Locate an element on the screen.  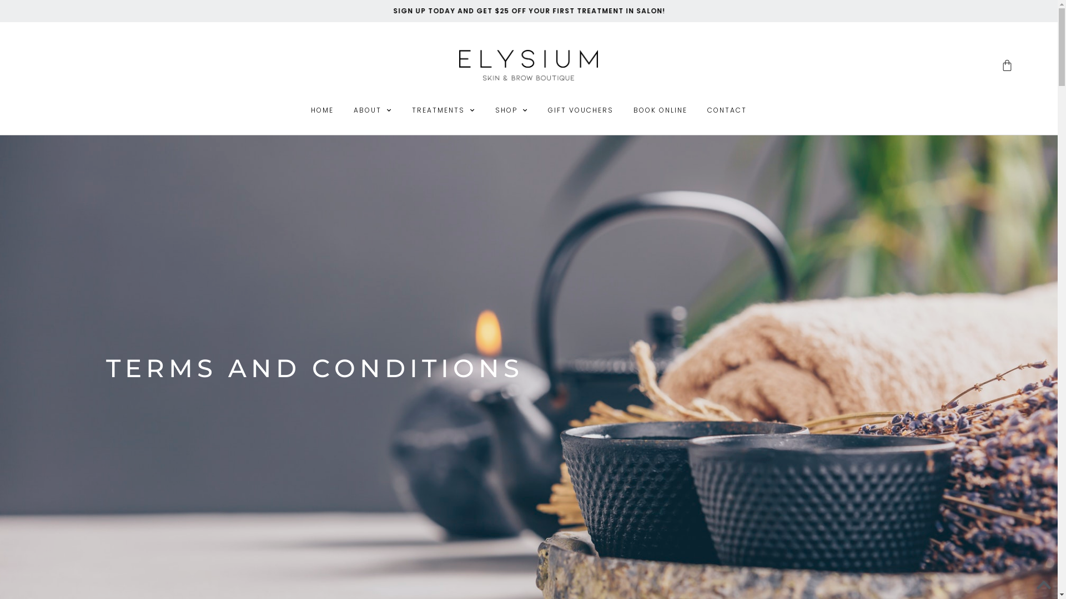
'GIFT VOUCHERS' is located at coordinates (580, 110).